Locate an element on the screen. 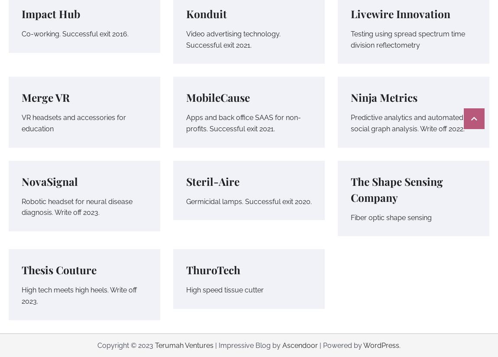 Image resolution: width=498 pixels, height=357 pixels. 'Thesis Couture' is located at coordinates (58, 269).